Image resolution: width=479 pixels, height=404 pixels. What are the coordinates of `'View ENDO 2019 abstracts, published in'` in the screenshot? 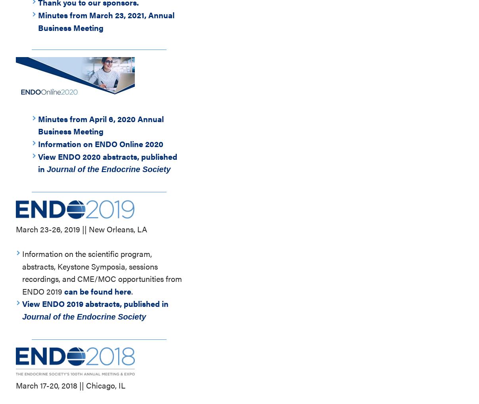 It's located at (95, 303).